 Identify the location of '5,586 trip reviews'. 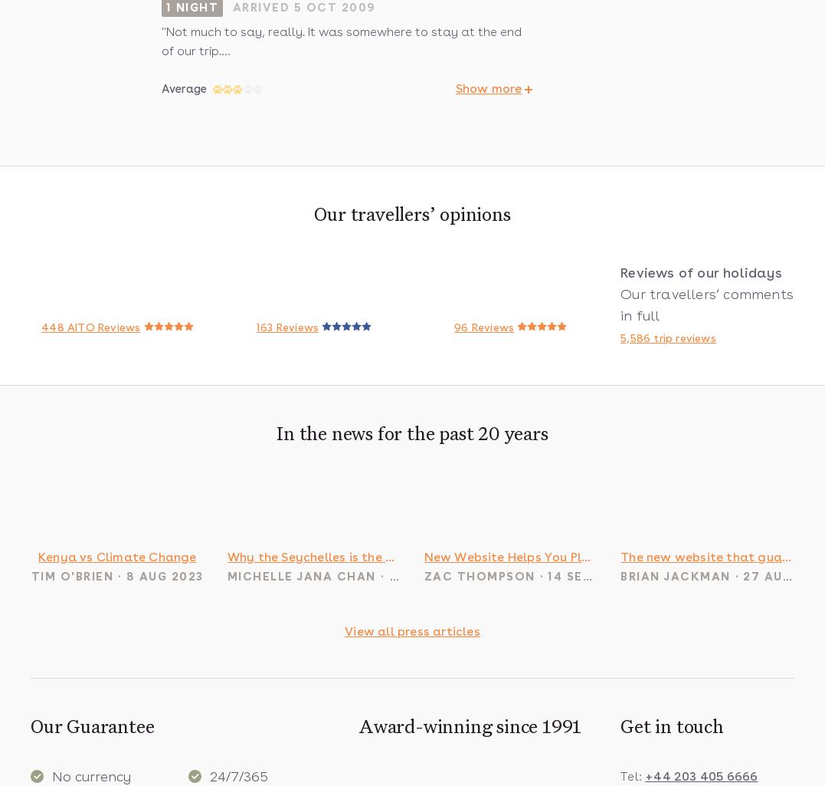
(668, 337).